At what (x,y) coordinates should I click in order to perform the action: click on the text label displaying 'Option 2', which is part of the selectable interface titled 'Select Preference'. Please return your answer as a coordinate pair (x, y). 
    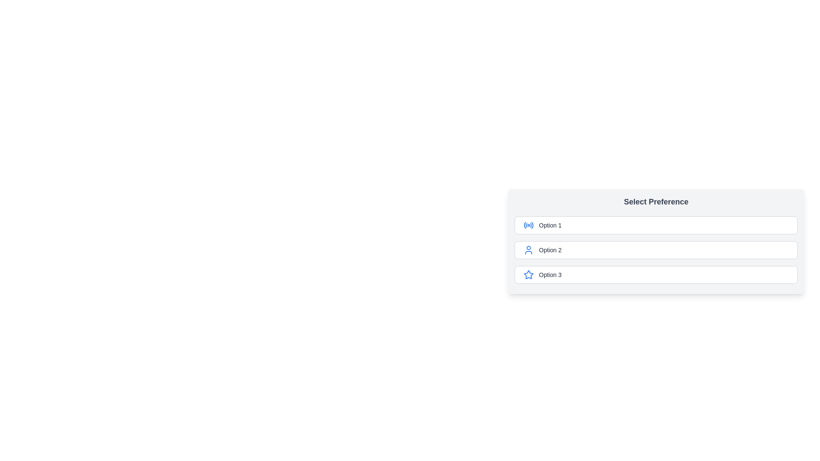
    Looking at the image, I should click on (550, 250).